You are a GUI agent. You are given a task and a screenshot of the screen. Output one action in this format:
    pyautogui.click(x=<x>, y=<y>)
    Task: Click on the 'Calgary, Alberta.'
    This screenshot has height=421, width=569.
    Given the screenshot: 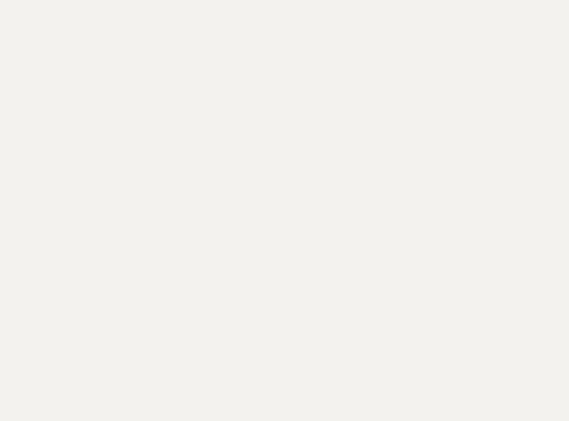 What is the action you would take?
    pyautogui.click(x=157, y=102)
    